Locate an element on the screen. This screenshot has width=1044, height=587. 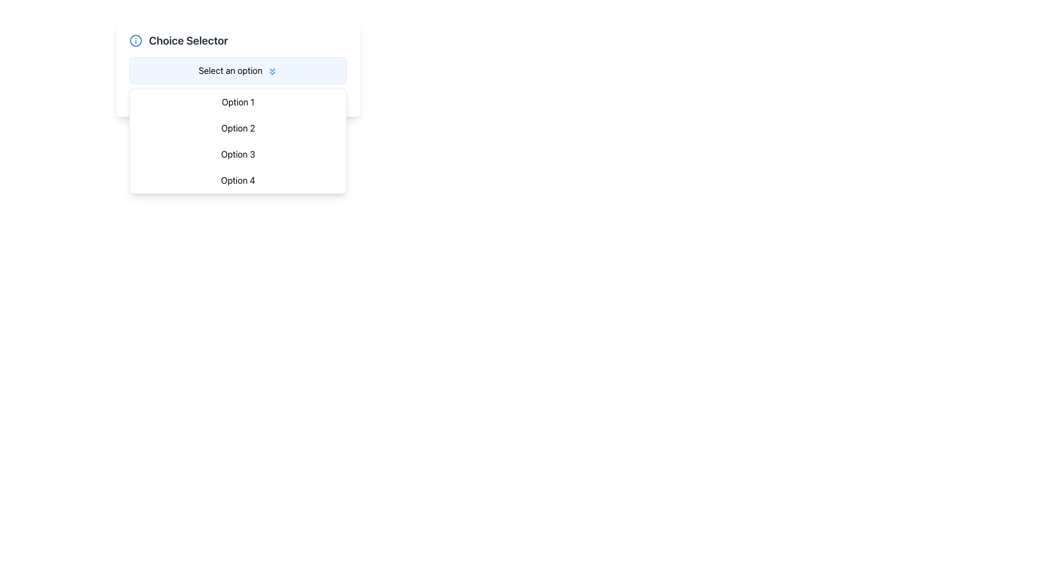
the Dropdown menu located in the 'Choice Selector' section is located at coordinates (237, 71).